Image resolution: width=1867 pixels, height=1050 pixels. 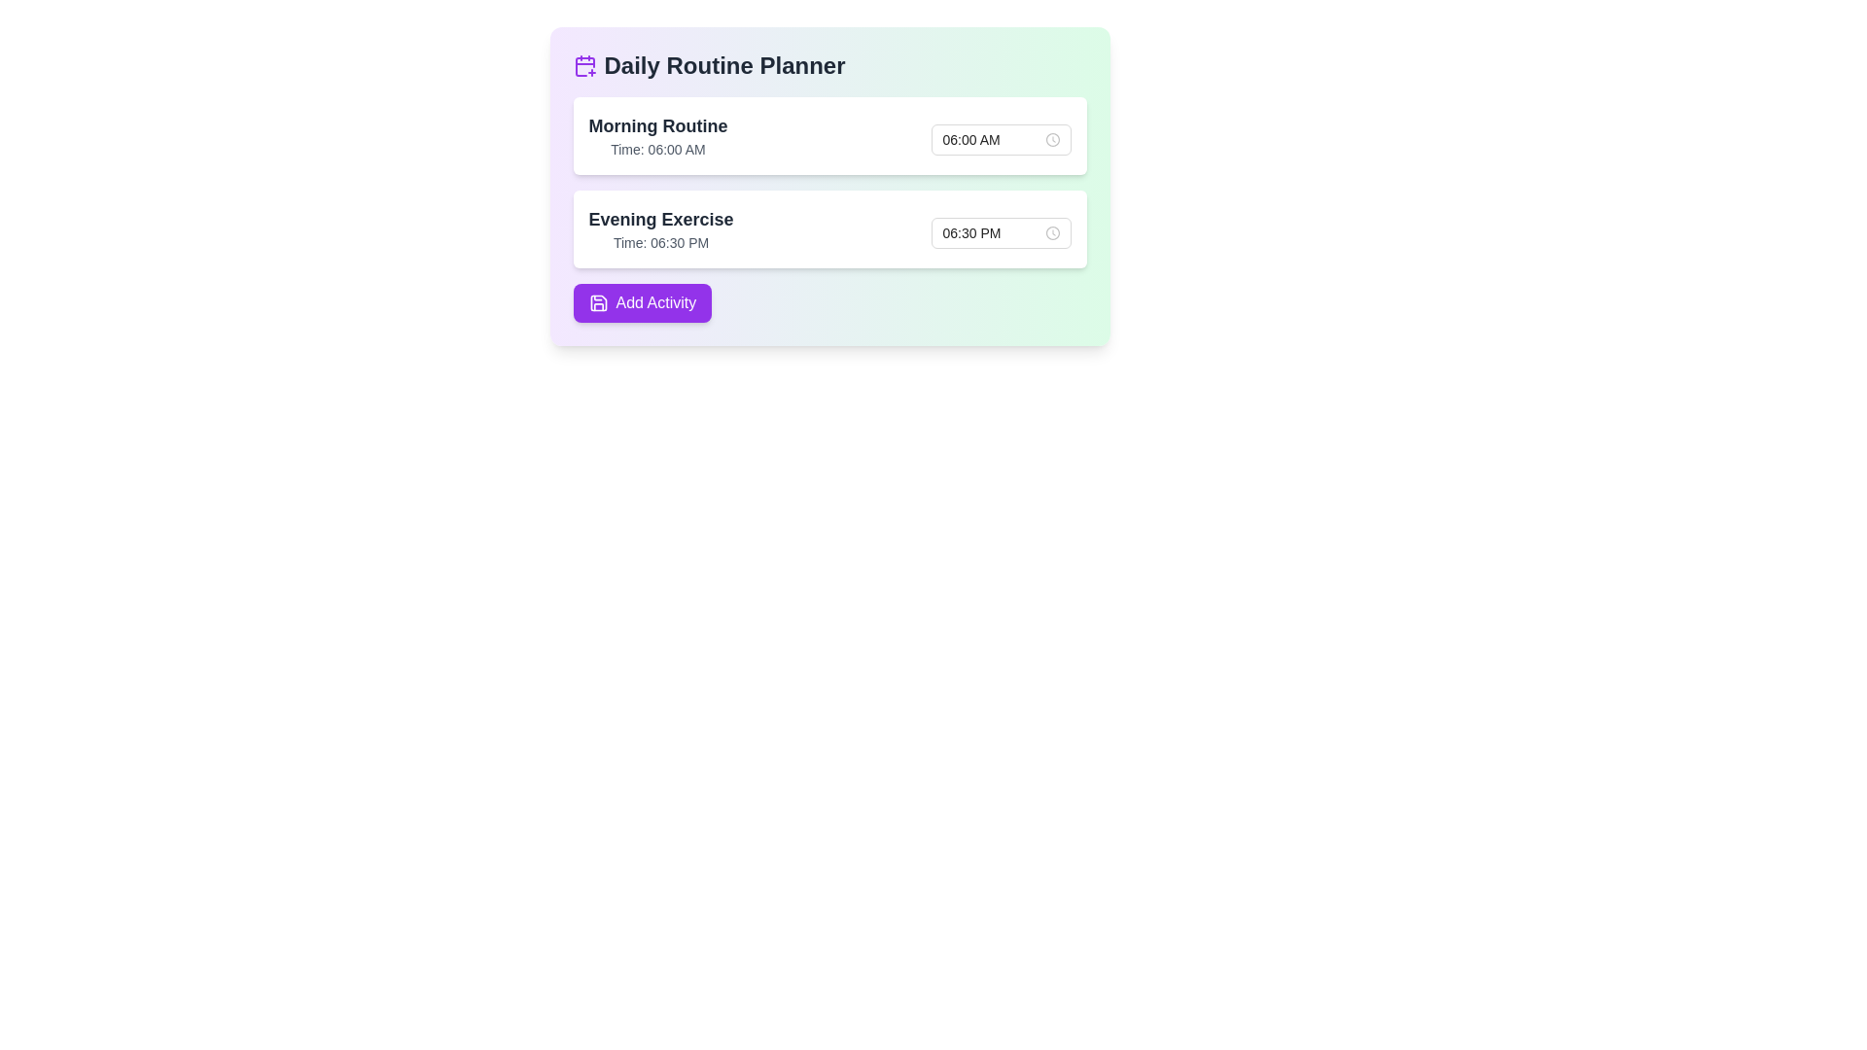 What do you see at coordinates (1001, 138) in the screenshot?
I see `the Time picker field displaying '06:00 AM'` at bounding box center [1001, 138].